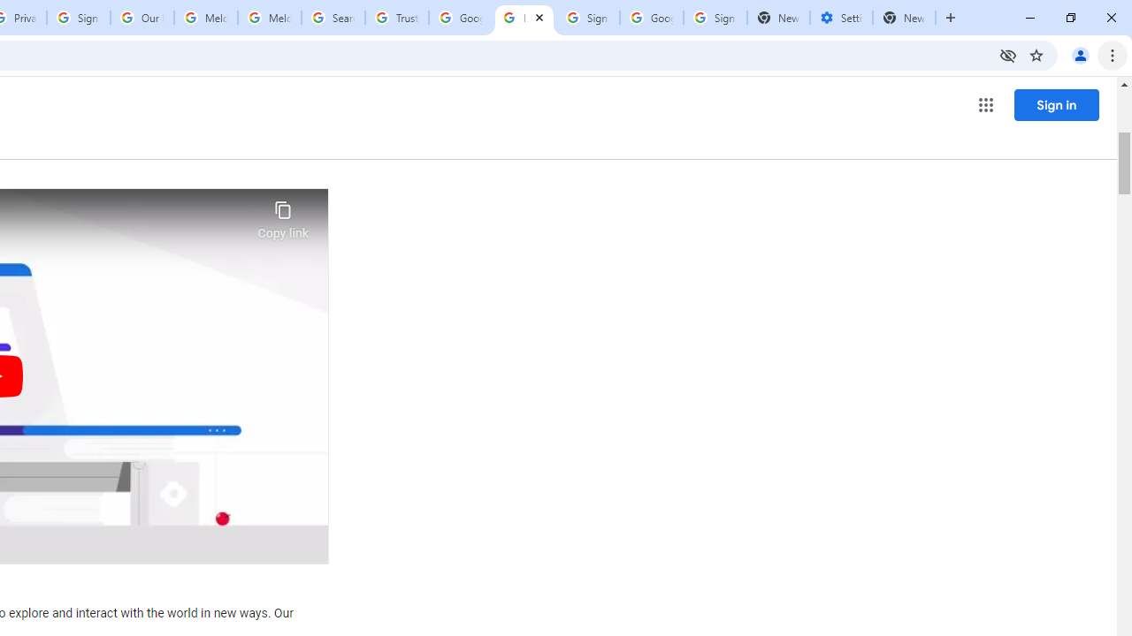 This screenshot has height=636, width=1132. Describe the element at coordinates (840, 18) in the screenshot. I see `'Settings - Addresses and more'` at that location.